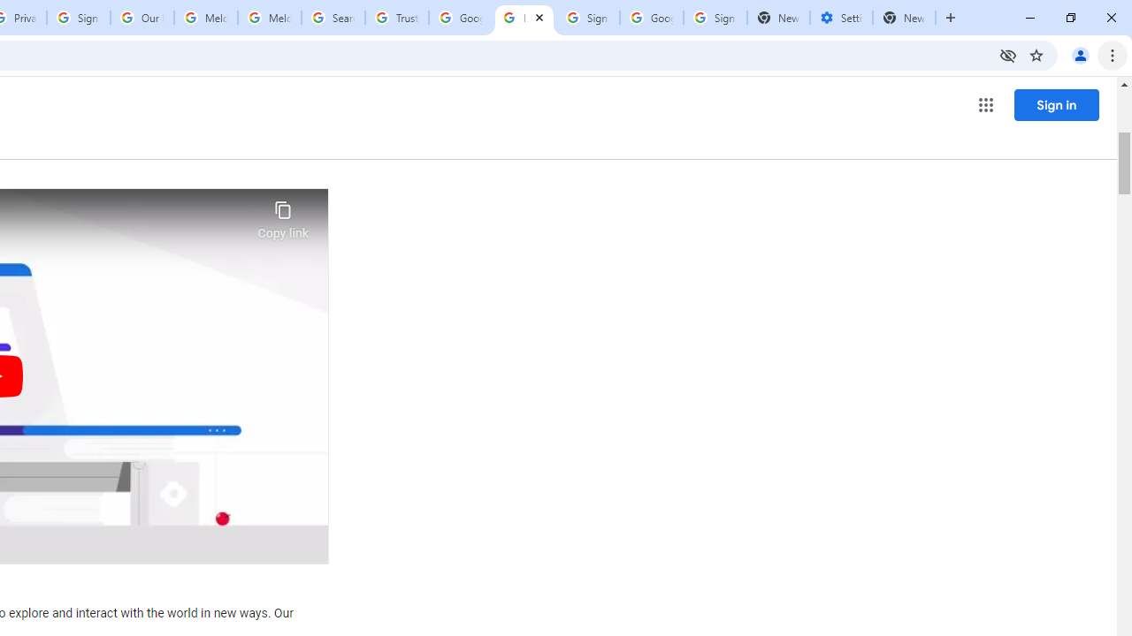 This screenshot has height=636, width=1132. Describe the element at coordinates (840, 18) in the screenshot. I see `'Settings - Addresses and more'` at that location.